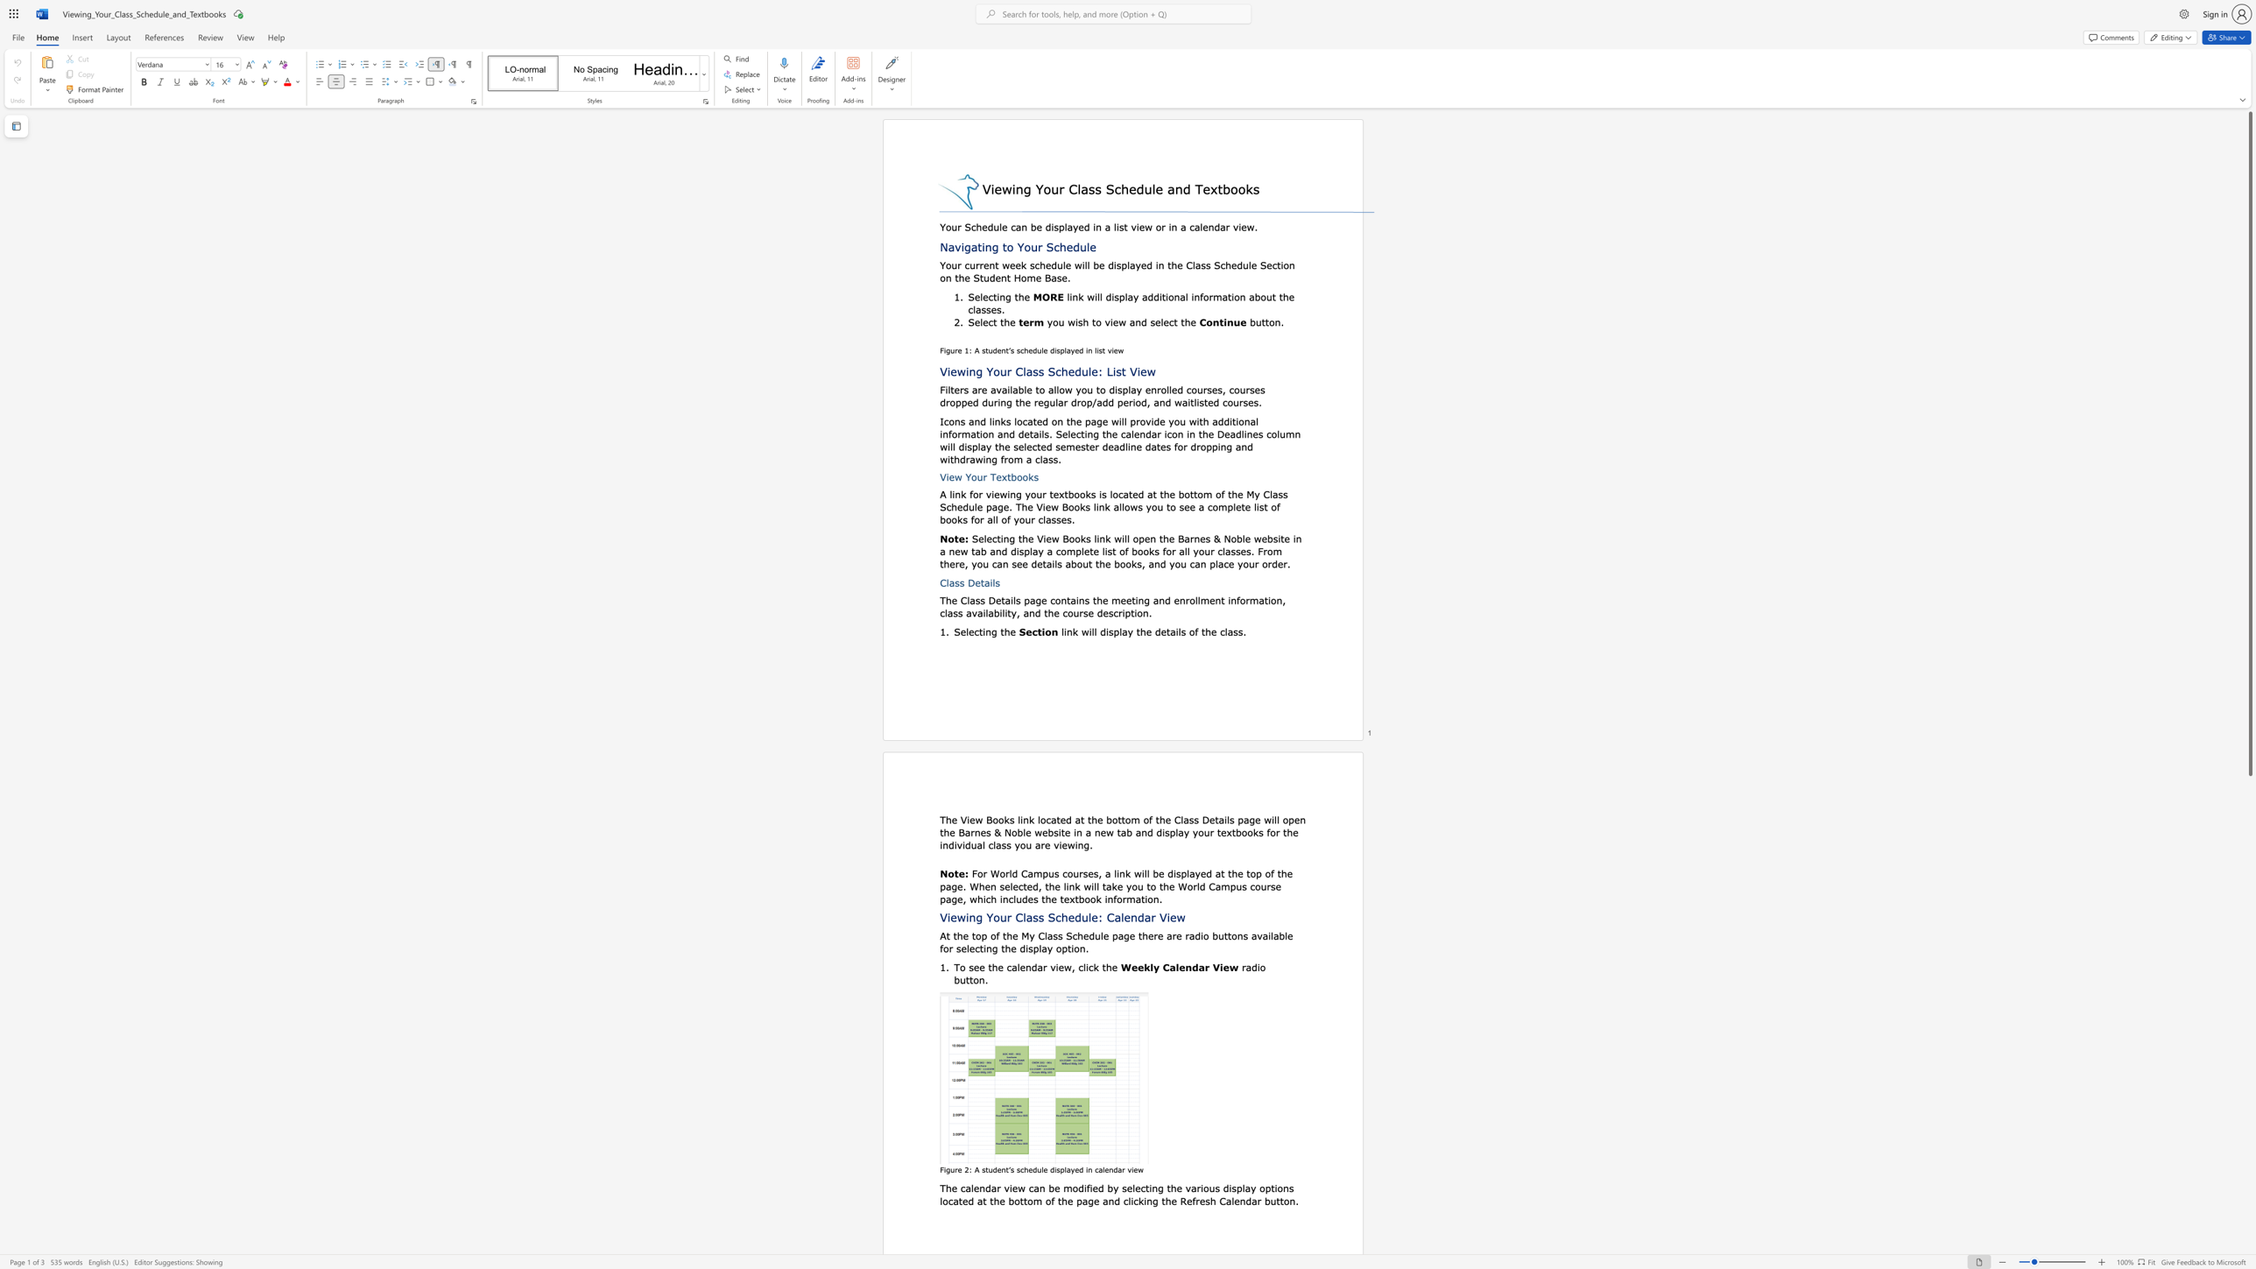  I want to click on the vertical scrollbar to lower the page content, so click(2249, 1232).